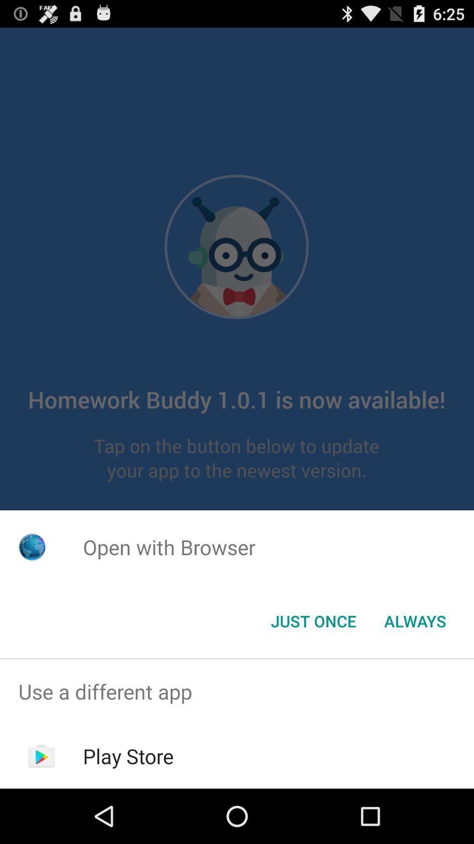 This screenshot has width=474, height=844. What do you see at coordinates (415, 620) in the screenshot?
I see `the always icon` at bounding box center [415, 620].